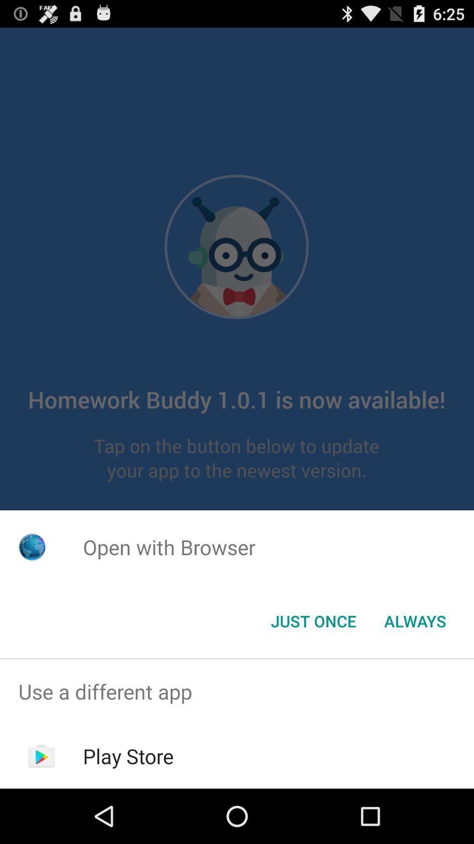 This screenshot has width=474, height=844. What do you see at coordinates (415, 620) in the screenshot?
I see `the always icon` at bounding box center [415, 620].